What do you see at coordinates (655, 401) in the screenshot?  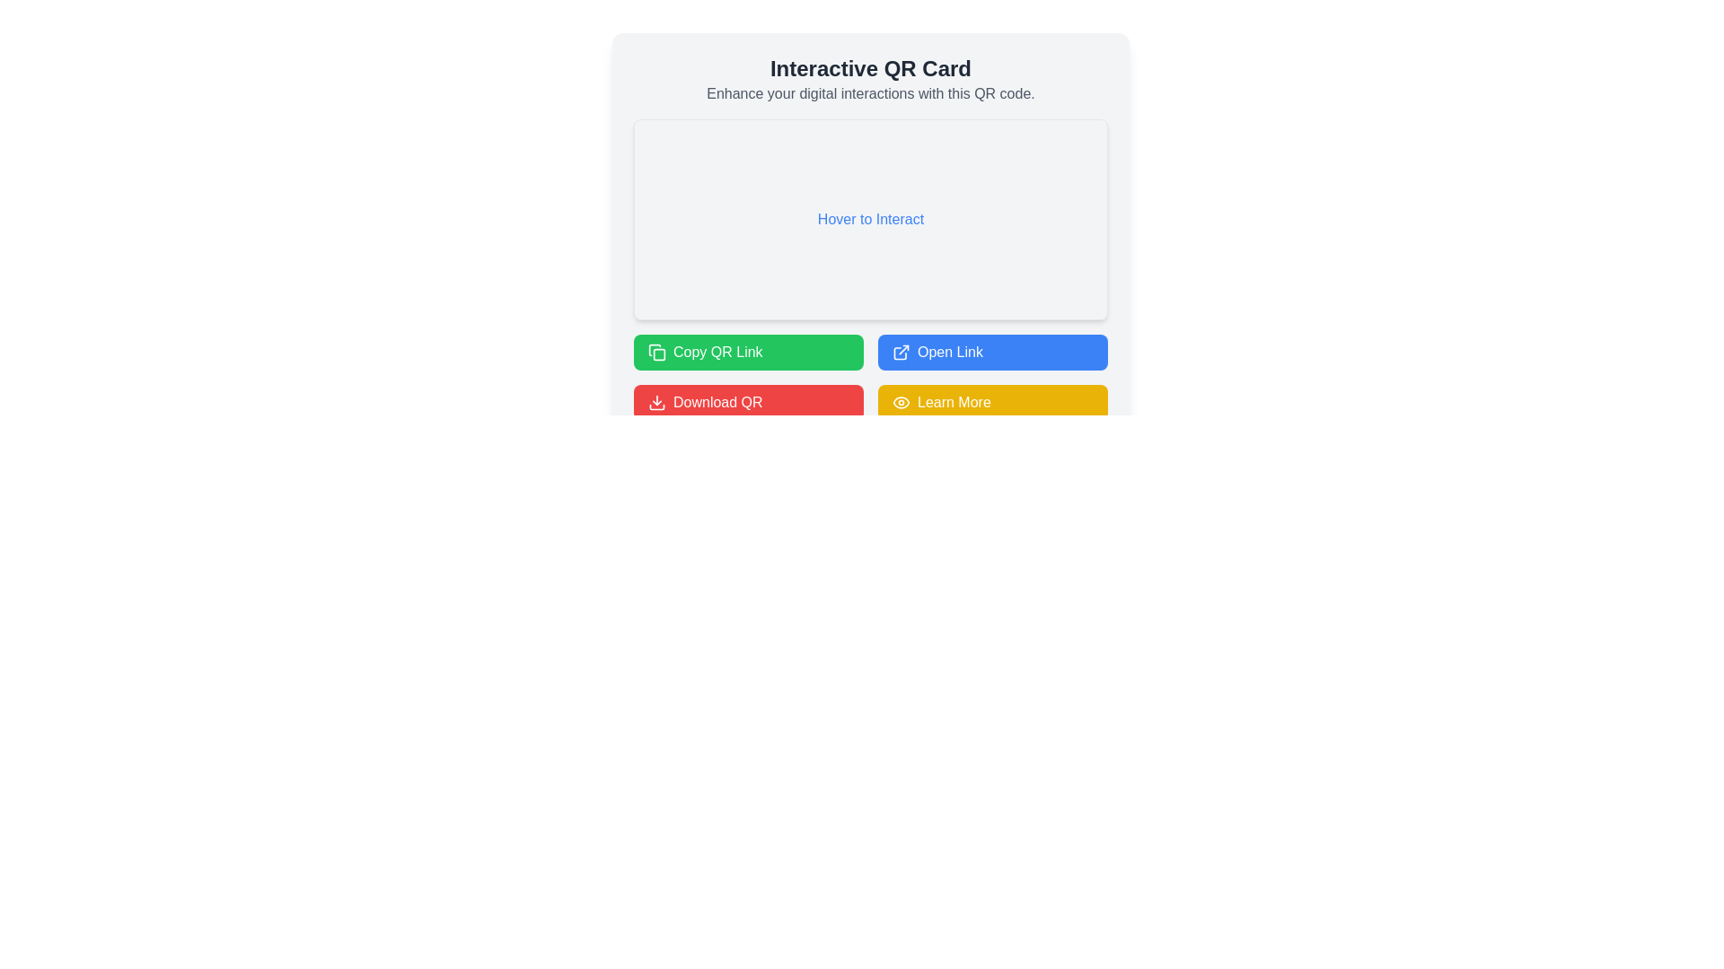 I see `the download icon located inside the red 'Download QR' button at the bottom left of the button's text` at bounding box center [655, 401].